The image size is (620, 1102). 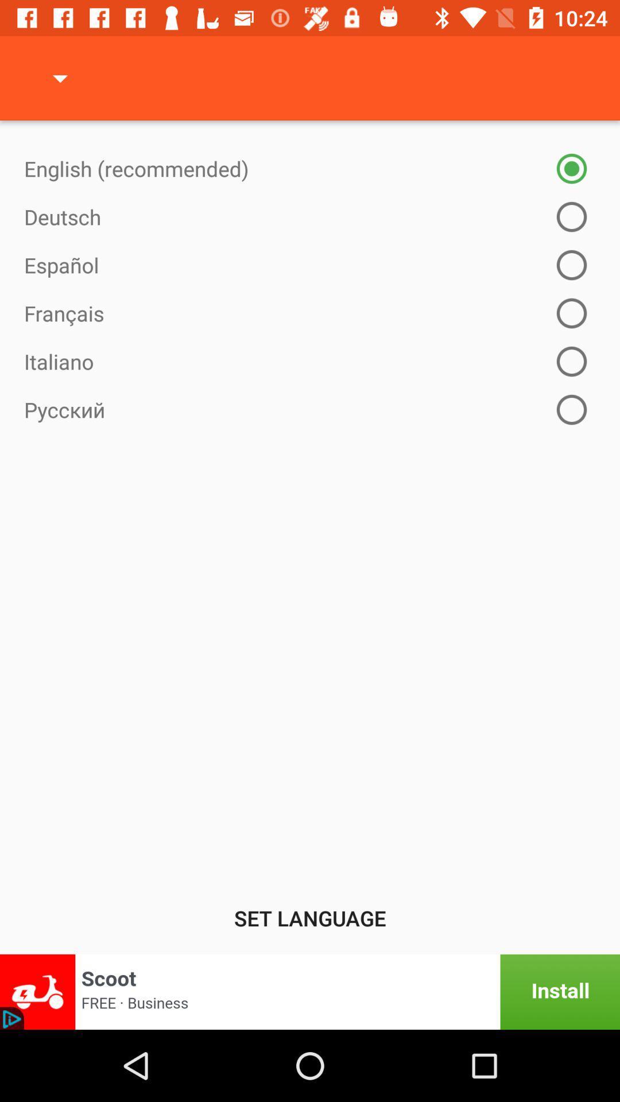 What do you see at coordinates (310, 917) in the screenshot?
I see `set language item` at bounding box center [310, 917].